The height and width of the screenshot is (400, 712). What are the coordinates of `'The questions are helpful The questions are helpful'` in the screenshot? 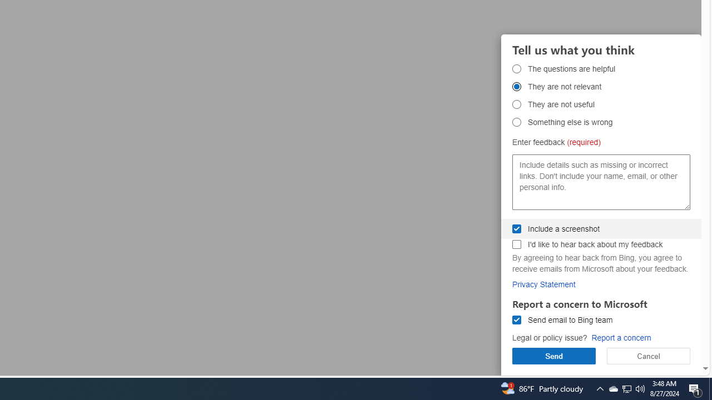 It's located at (516, 68).